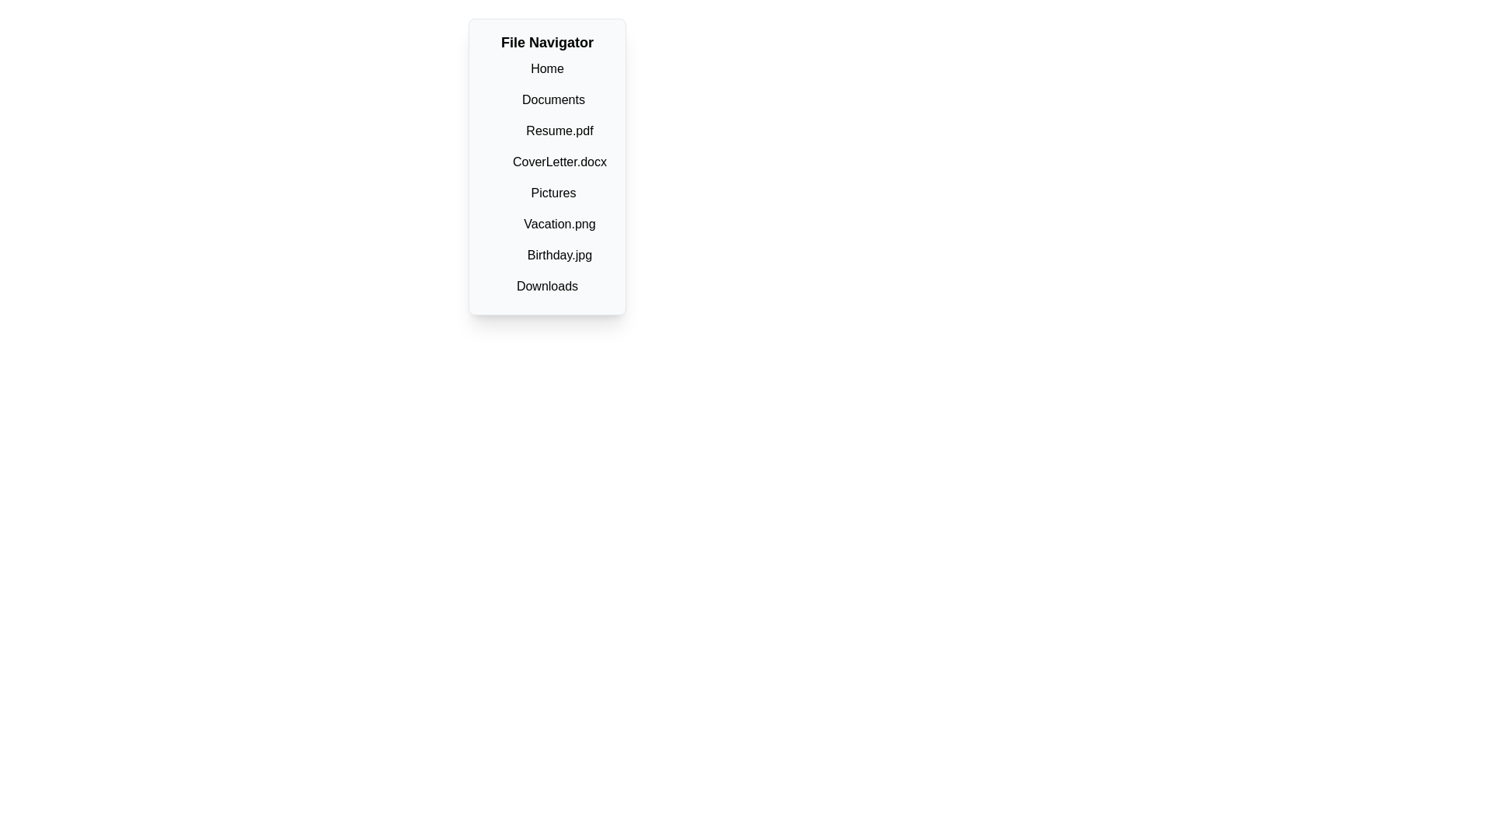  What do you see at coordinates (559, 130) in the screenshot?
I see `on the text label displaying 'Resume.pdf' in the File Navigator list` at bounding box center [559, 130].